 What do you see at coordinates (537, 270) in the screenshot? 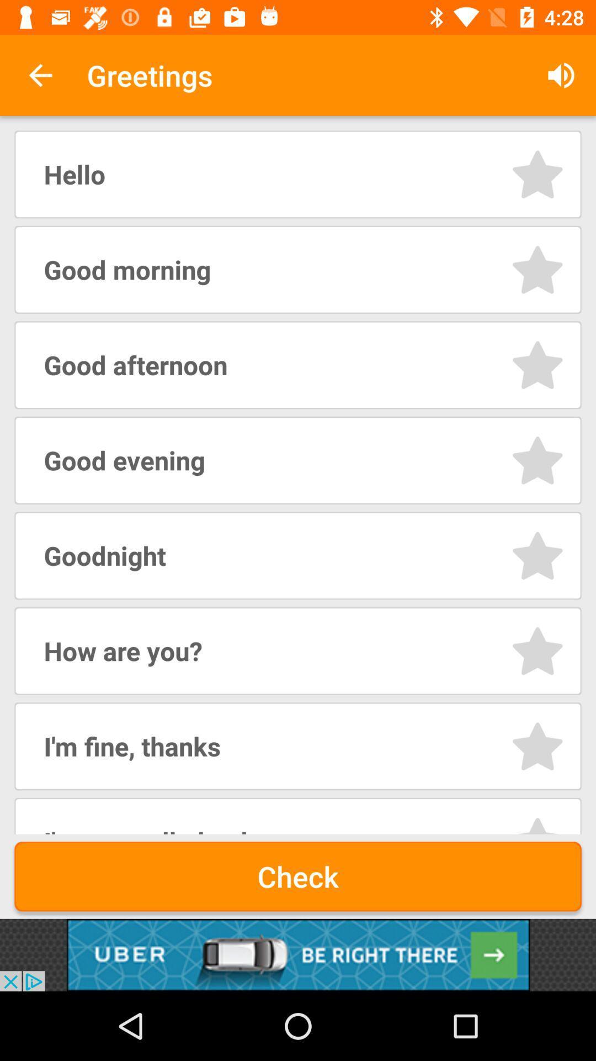
I see `'good morning` at bounding box center [537, 270].